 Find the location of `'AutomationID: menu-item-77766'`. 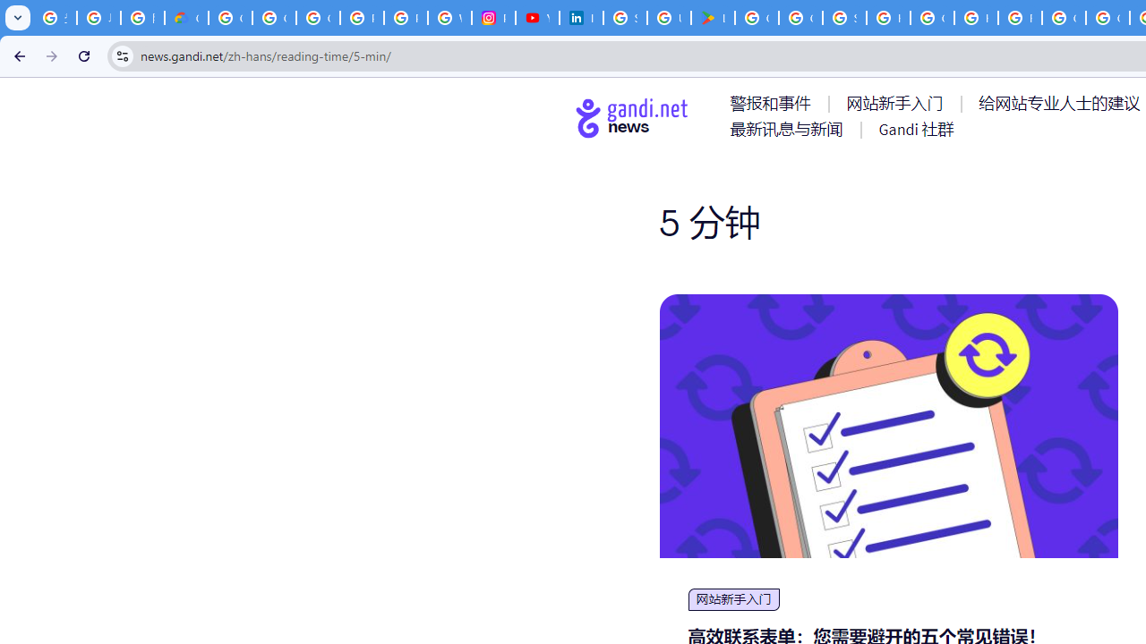

'AutomationID: menu-item-77766' is located at coordinates (789, 128).